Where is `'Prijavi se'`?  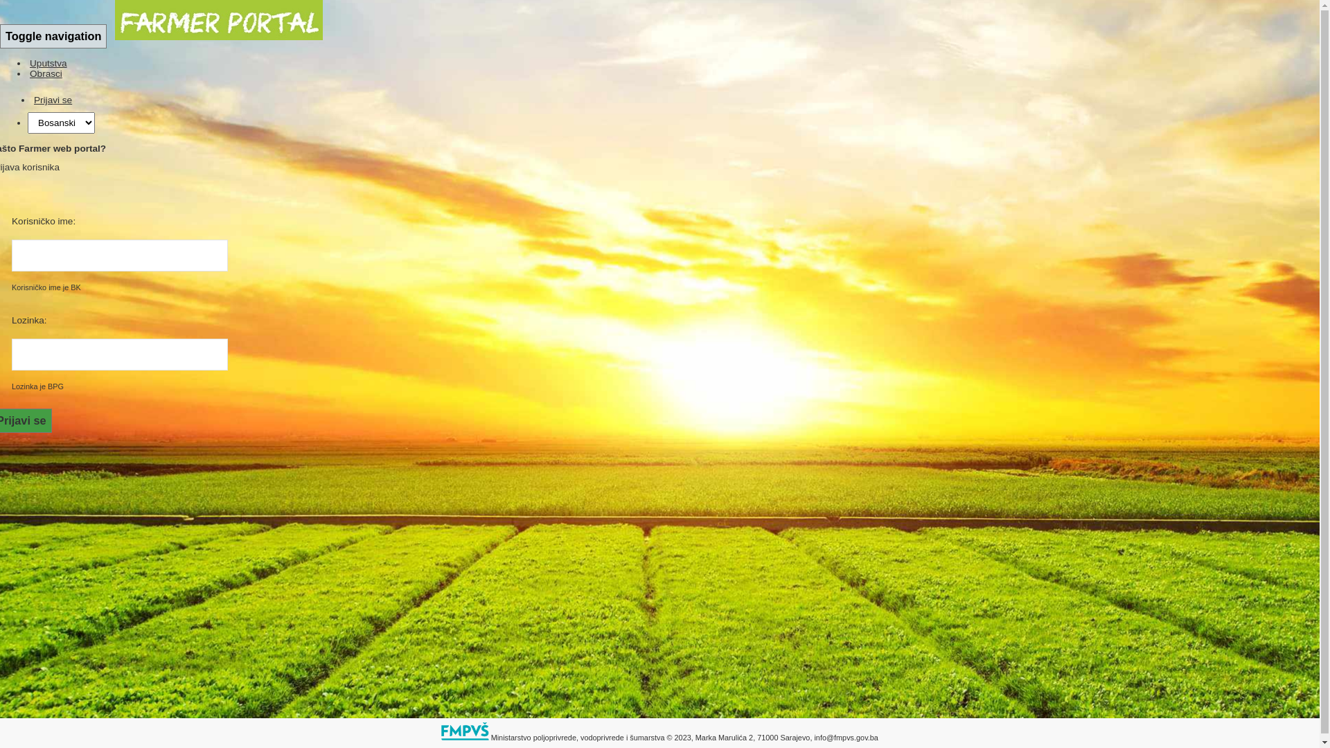 'Prijavi se' is located at coordinates (53, 99).